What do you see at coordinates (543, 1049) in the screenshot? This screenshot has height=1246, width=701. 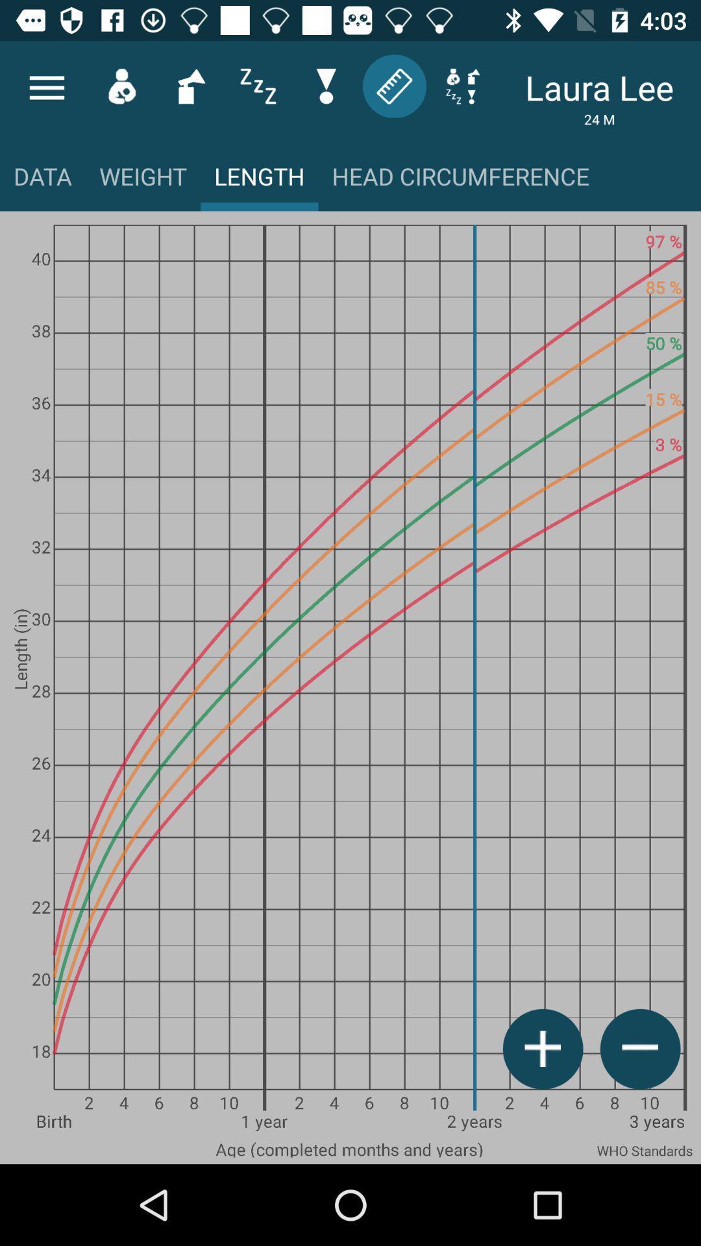 I see `the add icon` at bounding box center [543, 1049].